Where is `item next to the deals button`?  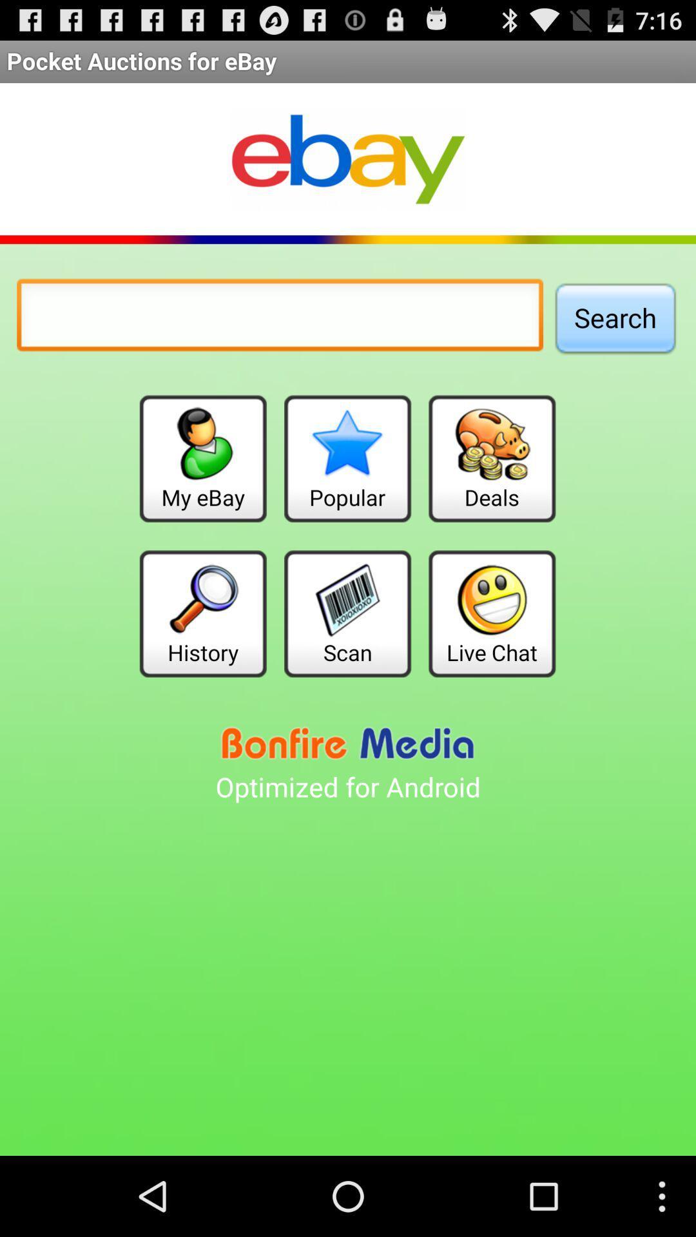
item next to the deals button is located at coordinates (347, 459).